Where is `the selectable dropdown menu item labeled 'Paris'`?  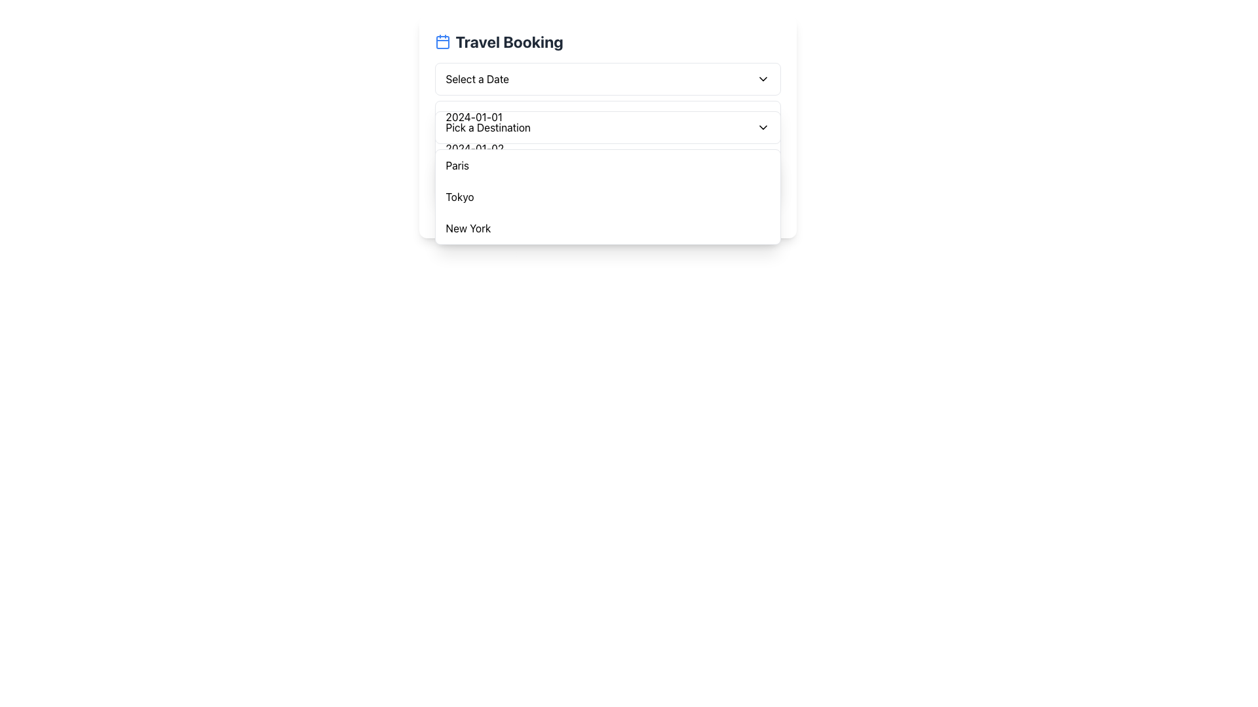 the selectable dropdown menu item labeled 'Paris' is located at coordinates (607, 165).